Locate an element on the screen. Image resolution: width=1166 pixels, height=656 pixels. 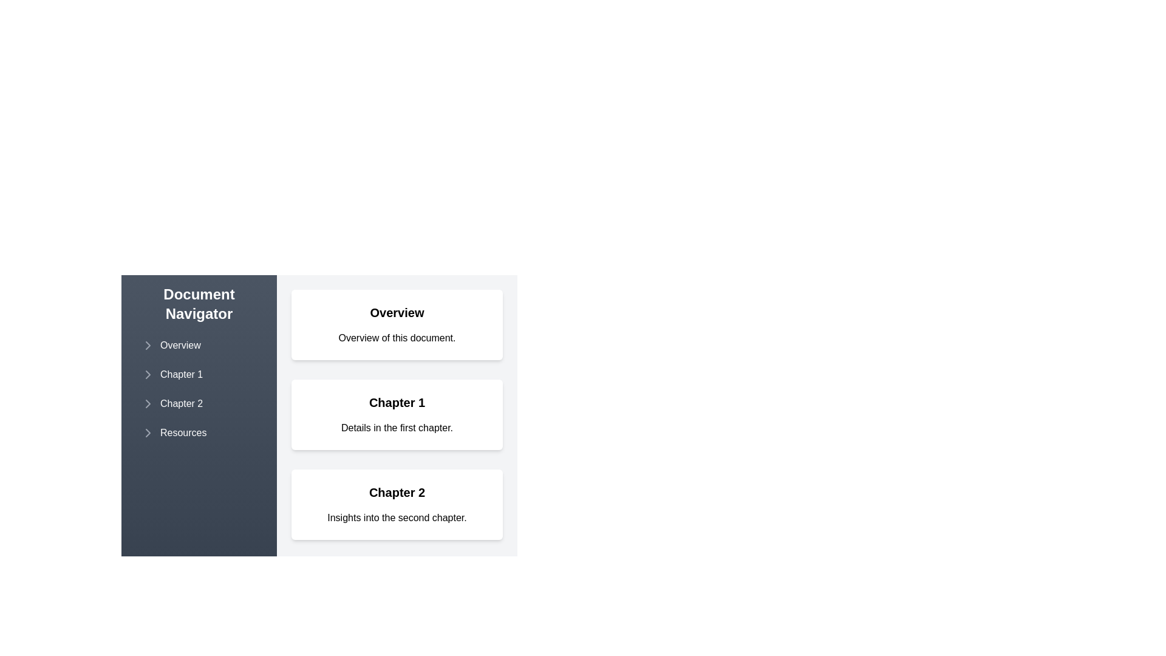
text label heading located at the top of the first white card to understand its purpose is located at coordinates (397, 312).